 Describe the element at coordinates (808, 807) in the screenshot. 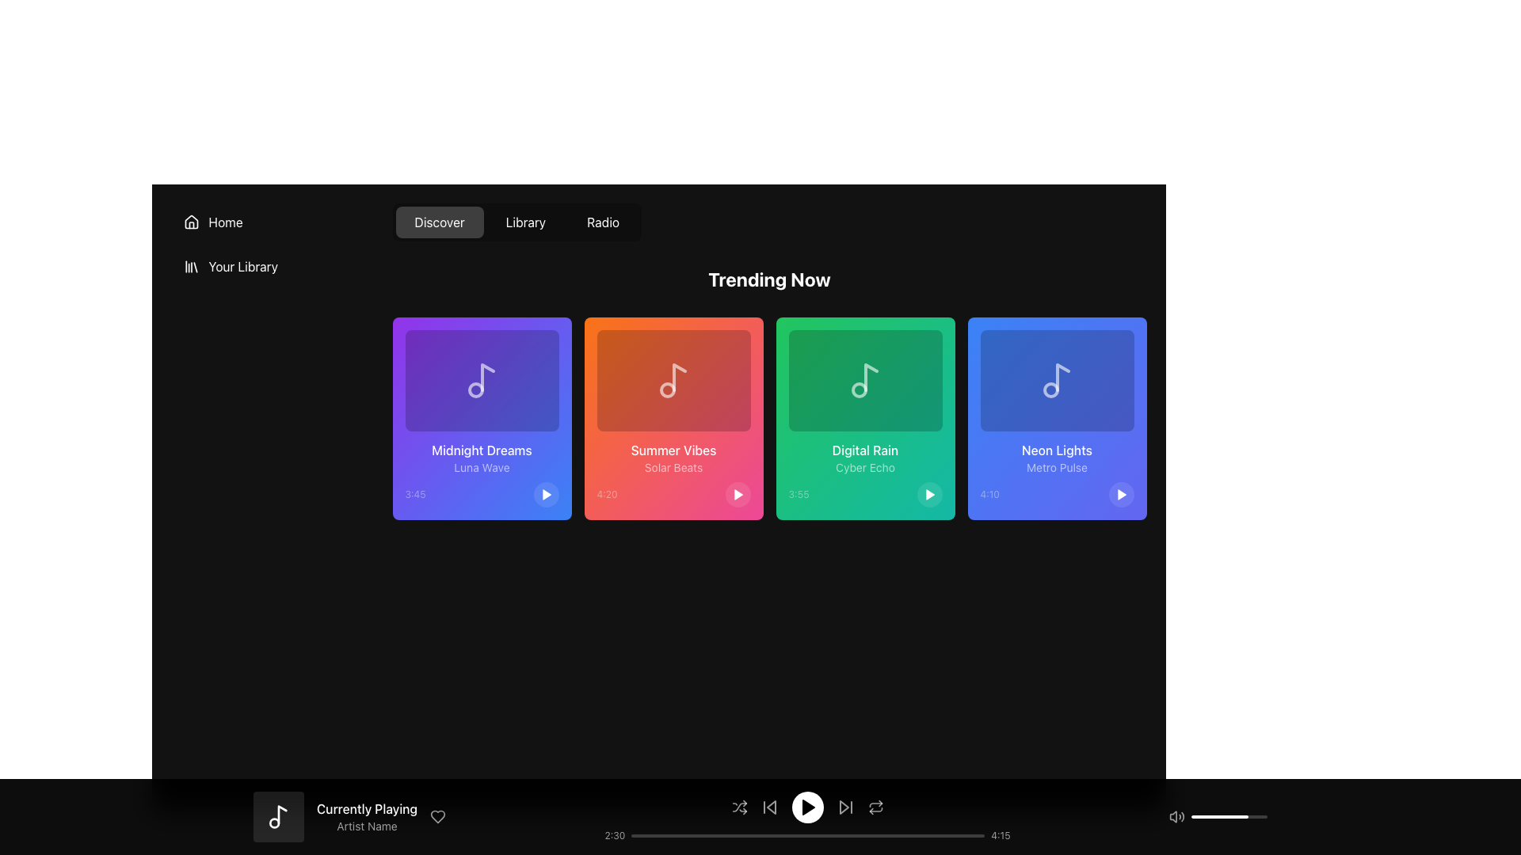

I see `the small, black triangular play button icon inside the circular button component located in the center of the media control section` at that location.